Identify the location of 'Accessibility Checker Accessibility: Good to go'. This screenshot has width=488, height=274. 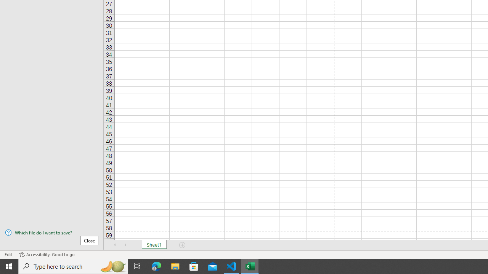
(47, 255).